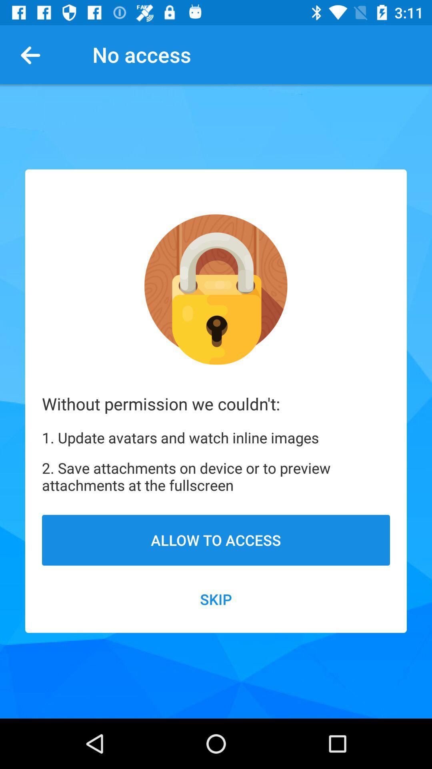 Image resolution: width=432 pixels, height=769 pixels. What do you see at coordinates (216, 540) in the screenshot?
I see `the item below 2 save attachments item` at bounding box center [216, 540].